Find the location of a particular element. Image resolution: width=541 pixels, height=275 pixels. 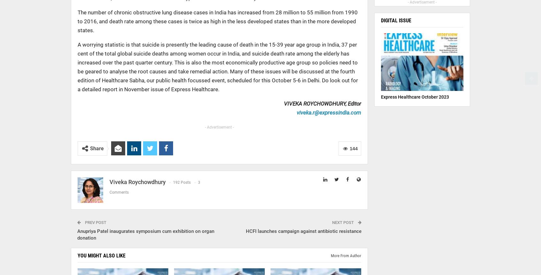

'VIVEKA ROYCHOWDHURY, Editor' is located at coordinates (322, 103).